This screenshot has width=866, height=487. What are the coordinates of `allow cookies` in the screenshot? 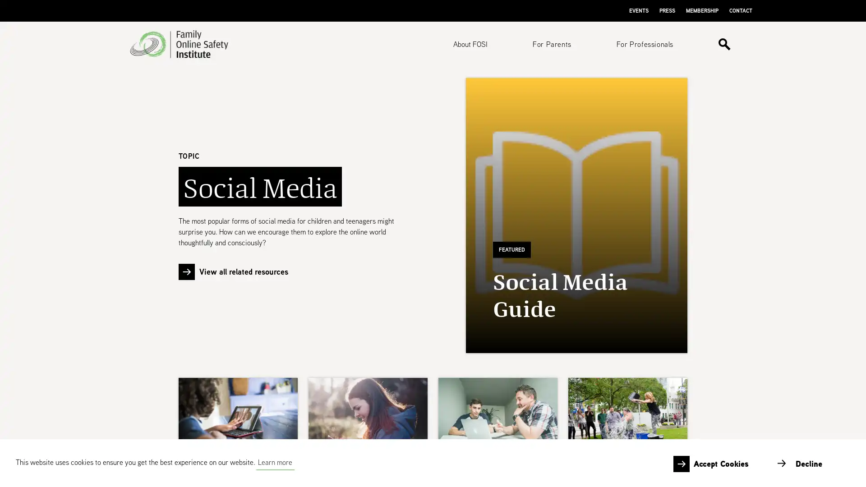 It's located at (710, 463).